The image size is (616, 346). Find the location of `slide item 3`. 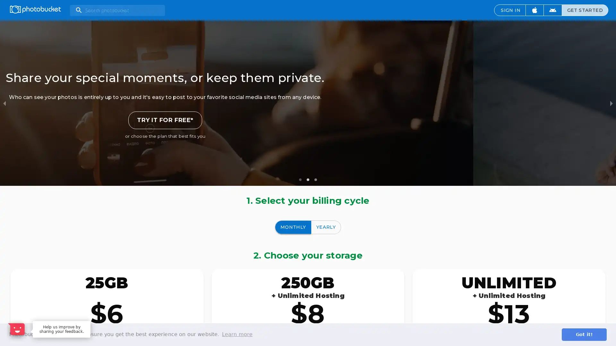

slide item 3 is located at coordinates (315, 179).